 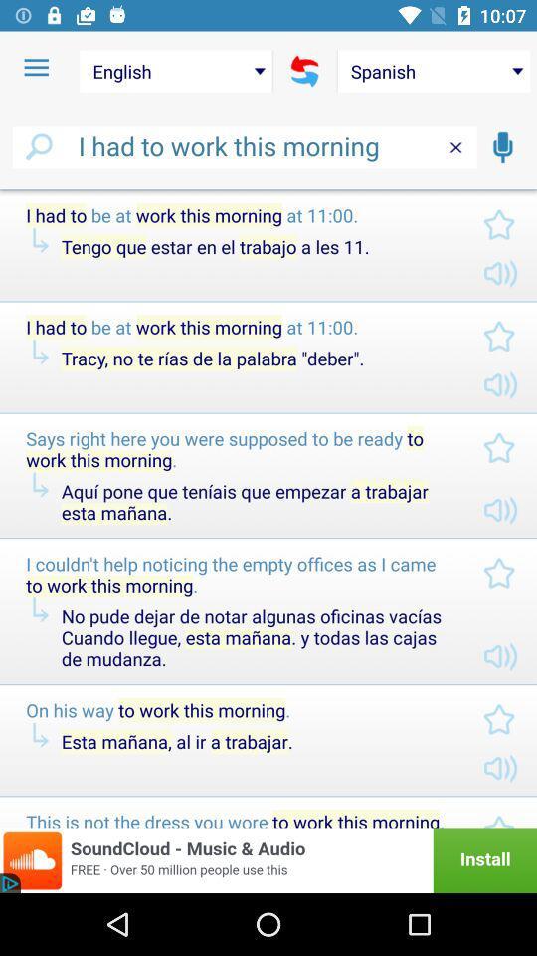 I want to click on switch translate option, so click(x=304, y=71).